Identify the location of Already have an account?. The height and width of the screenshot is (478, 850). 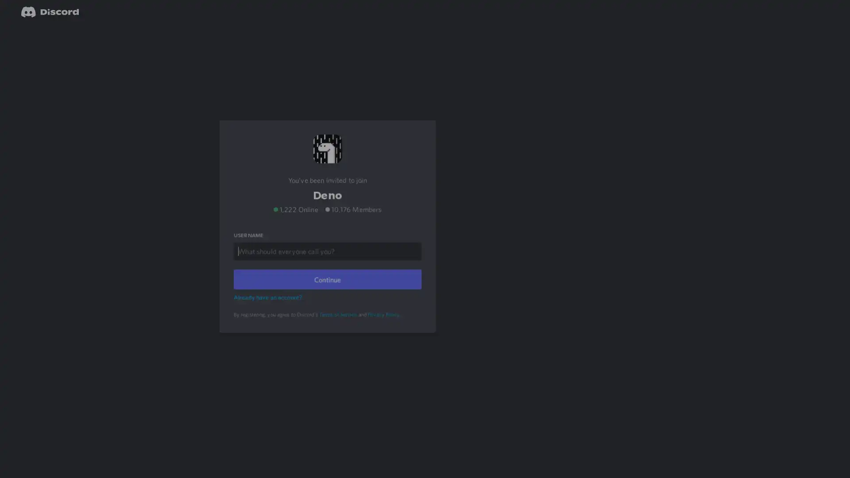
(269, 308).